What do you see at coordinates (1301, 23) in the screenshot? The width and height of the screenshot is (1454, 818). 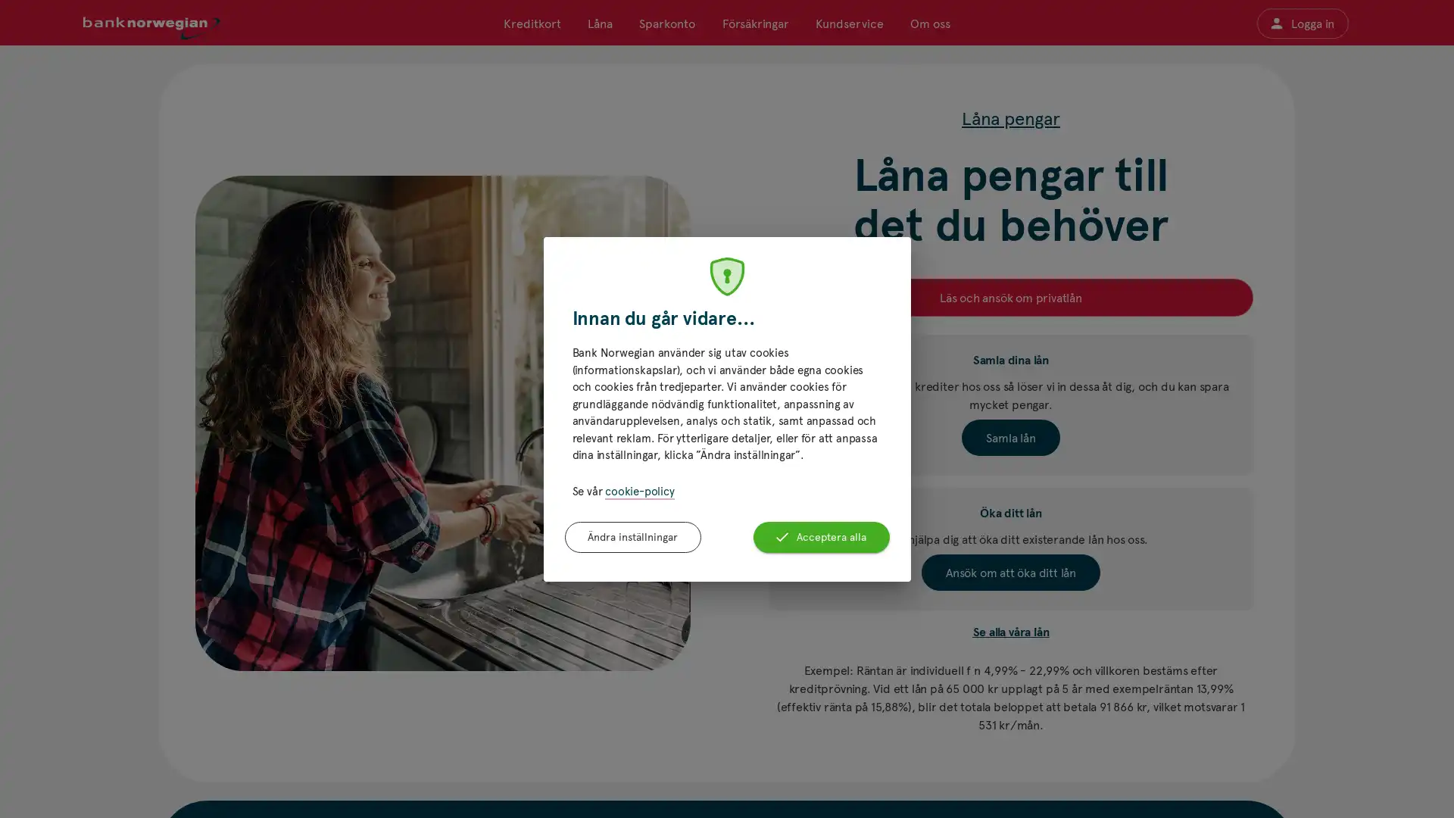 I see `Logga in` at bounding box center [1301, 23].